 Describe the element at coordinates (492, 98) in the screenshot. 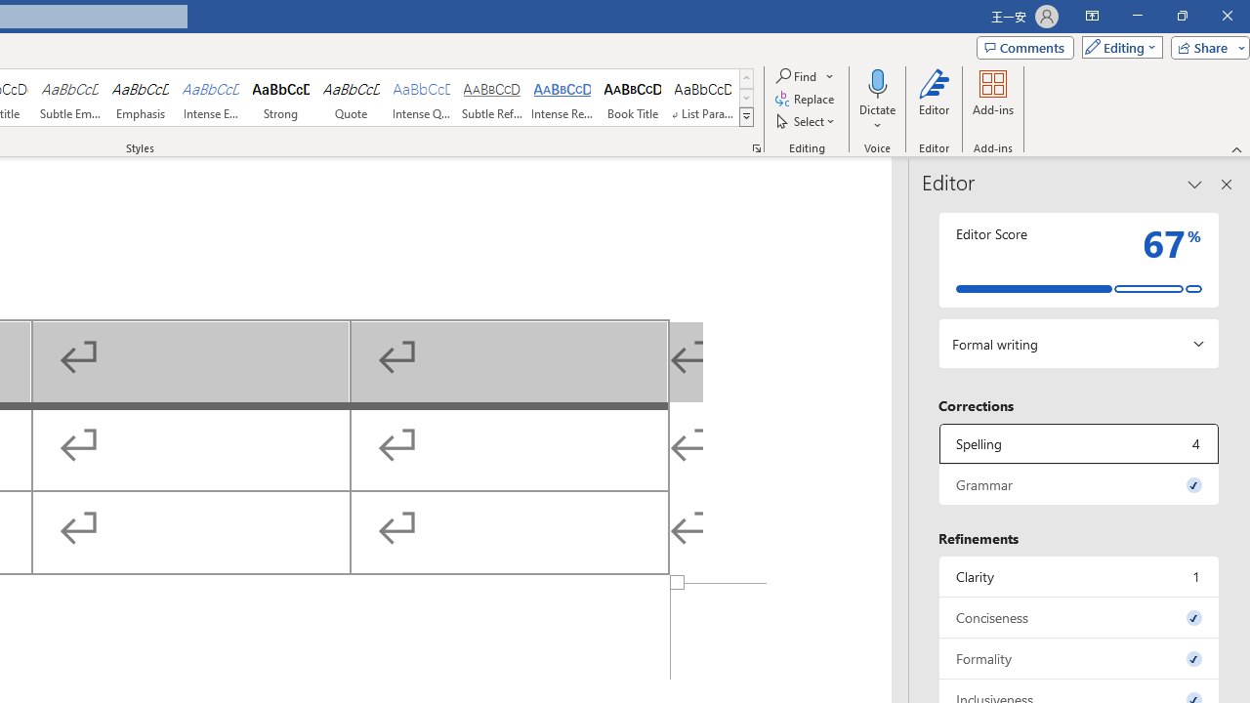

I see `'Subtle Reference'` at that location.